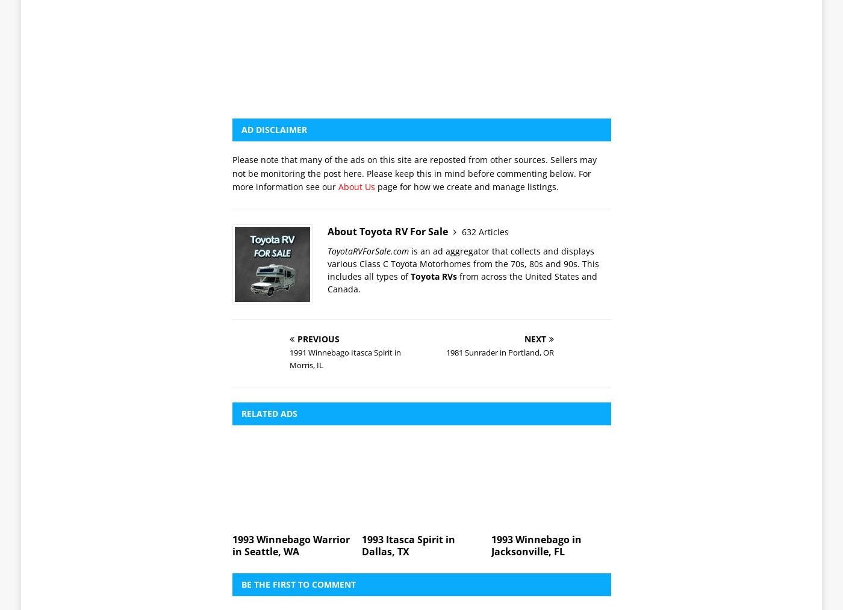 This screenshot has height=610, width=843. I want to click on 'ToyotaRVForSale.com', so click(368, 82).